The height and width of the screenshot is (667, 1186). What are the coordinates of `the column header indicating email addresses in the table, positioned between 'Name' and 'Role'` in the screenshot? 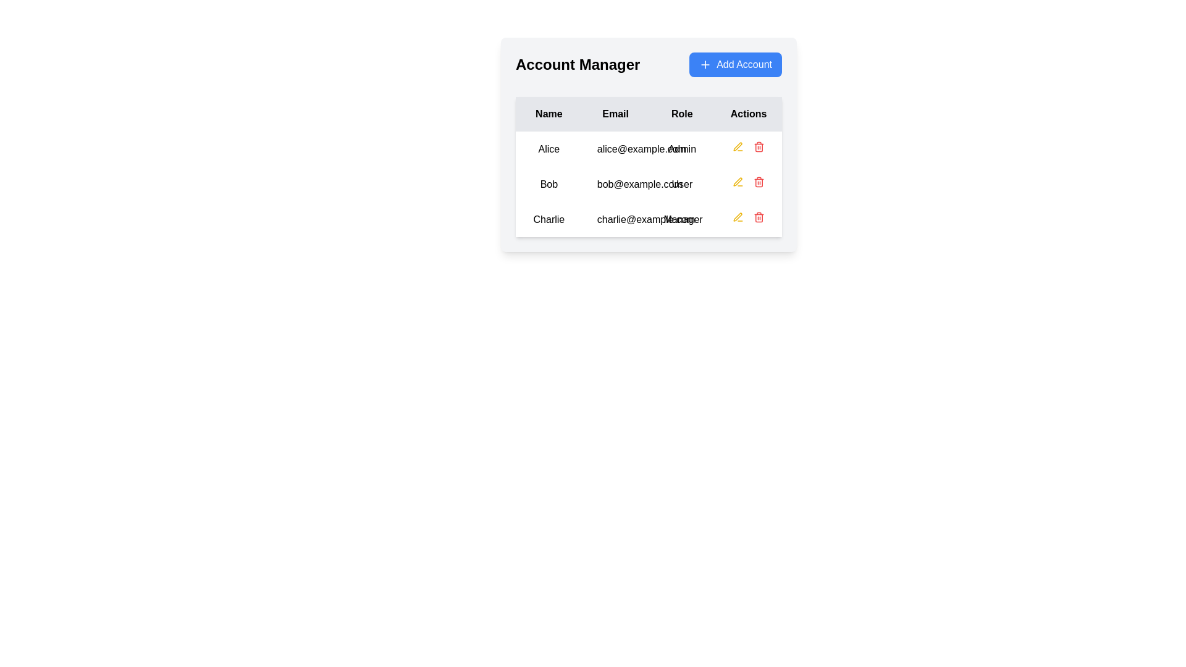 It's located at (615, 114).